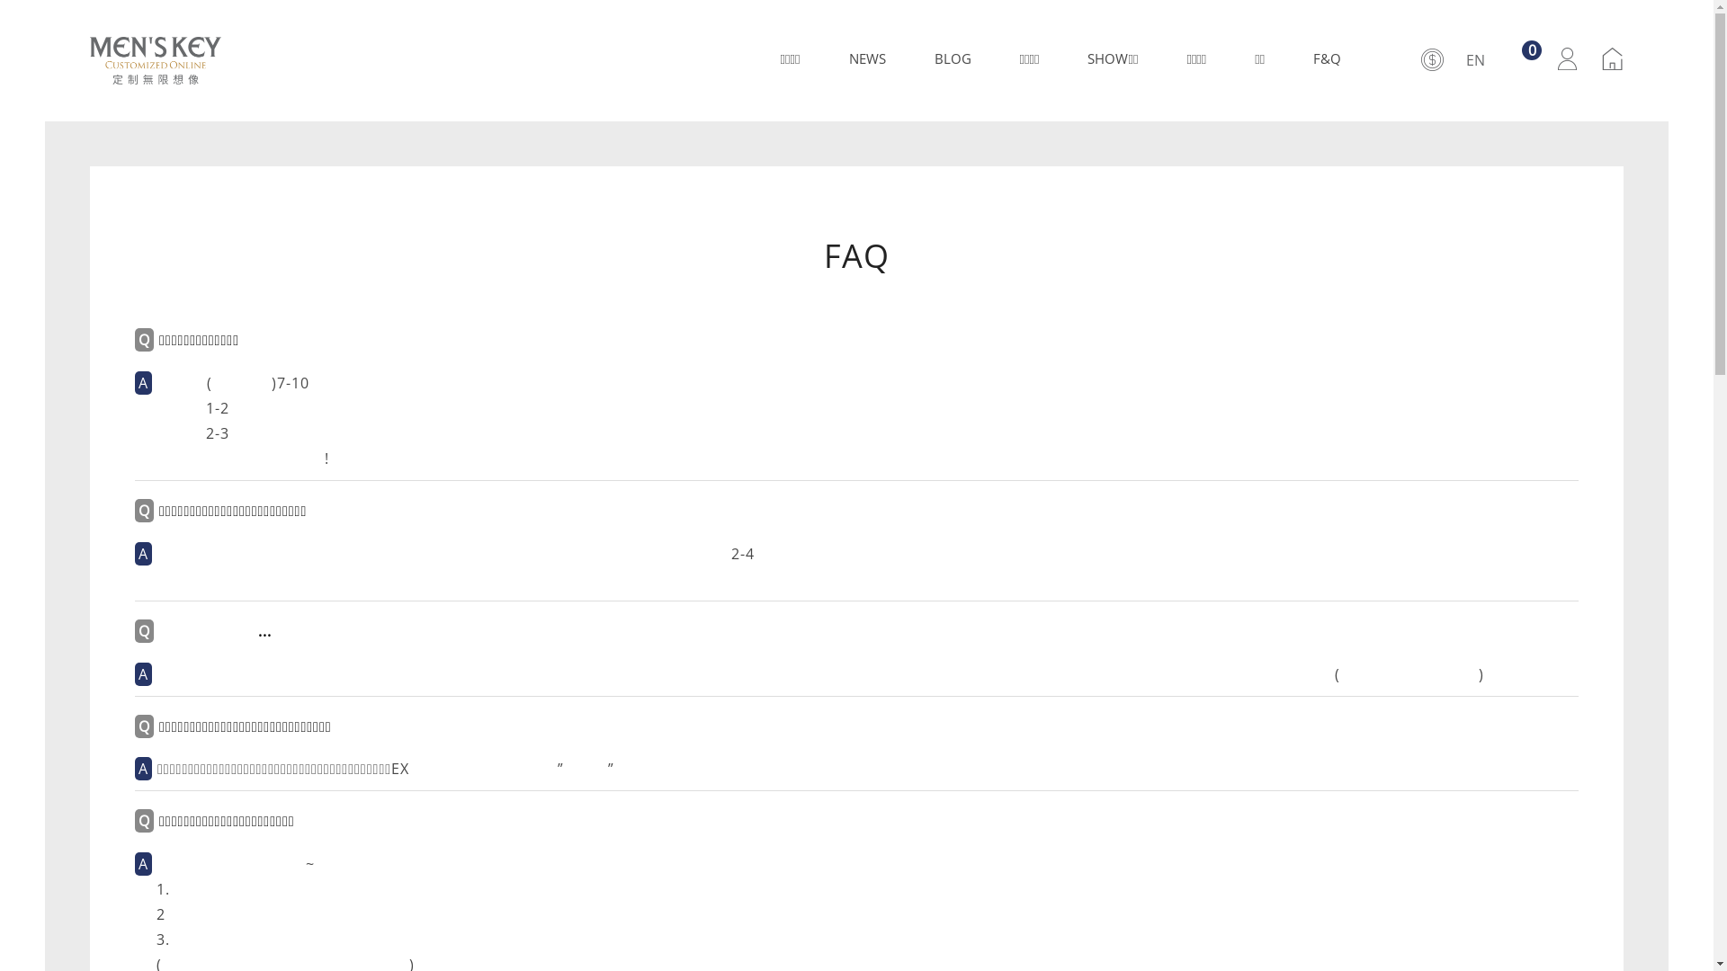 The height and width of the screenshot is (971, 1727). I want to click on 'MEN'S KEY', so click(155, 59).